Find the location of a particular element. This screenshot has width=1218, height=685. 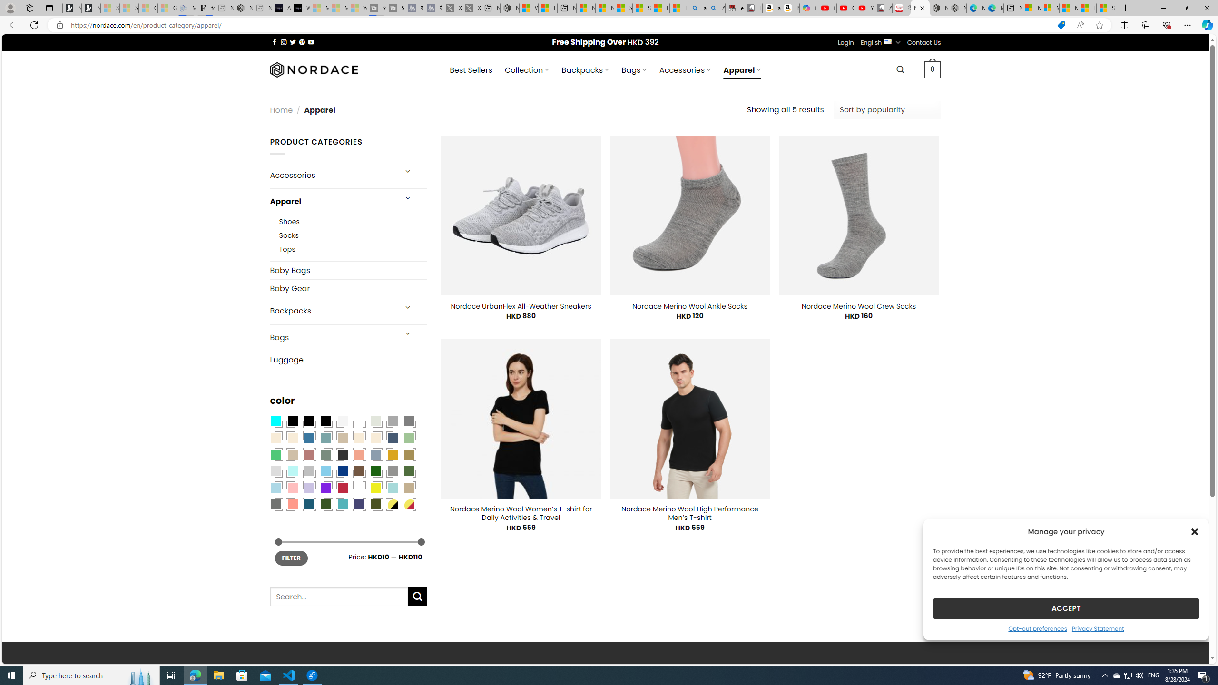

'Nordace - Apparel' is located at coordinates (920, 8).